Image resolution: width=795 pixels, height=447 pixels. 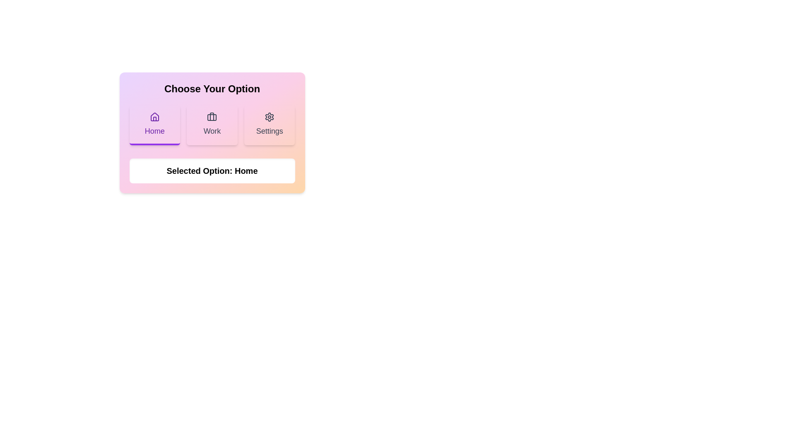 What do you see at coordinates (154, 117) in the screenshot?
I see `the 'Home' icon, which is a vector graphic element located in the leftmost button of a horizontal group of three buttons at the top of the main content area` at bounding box center [154, 117].